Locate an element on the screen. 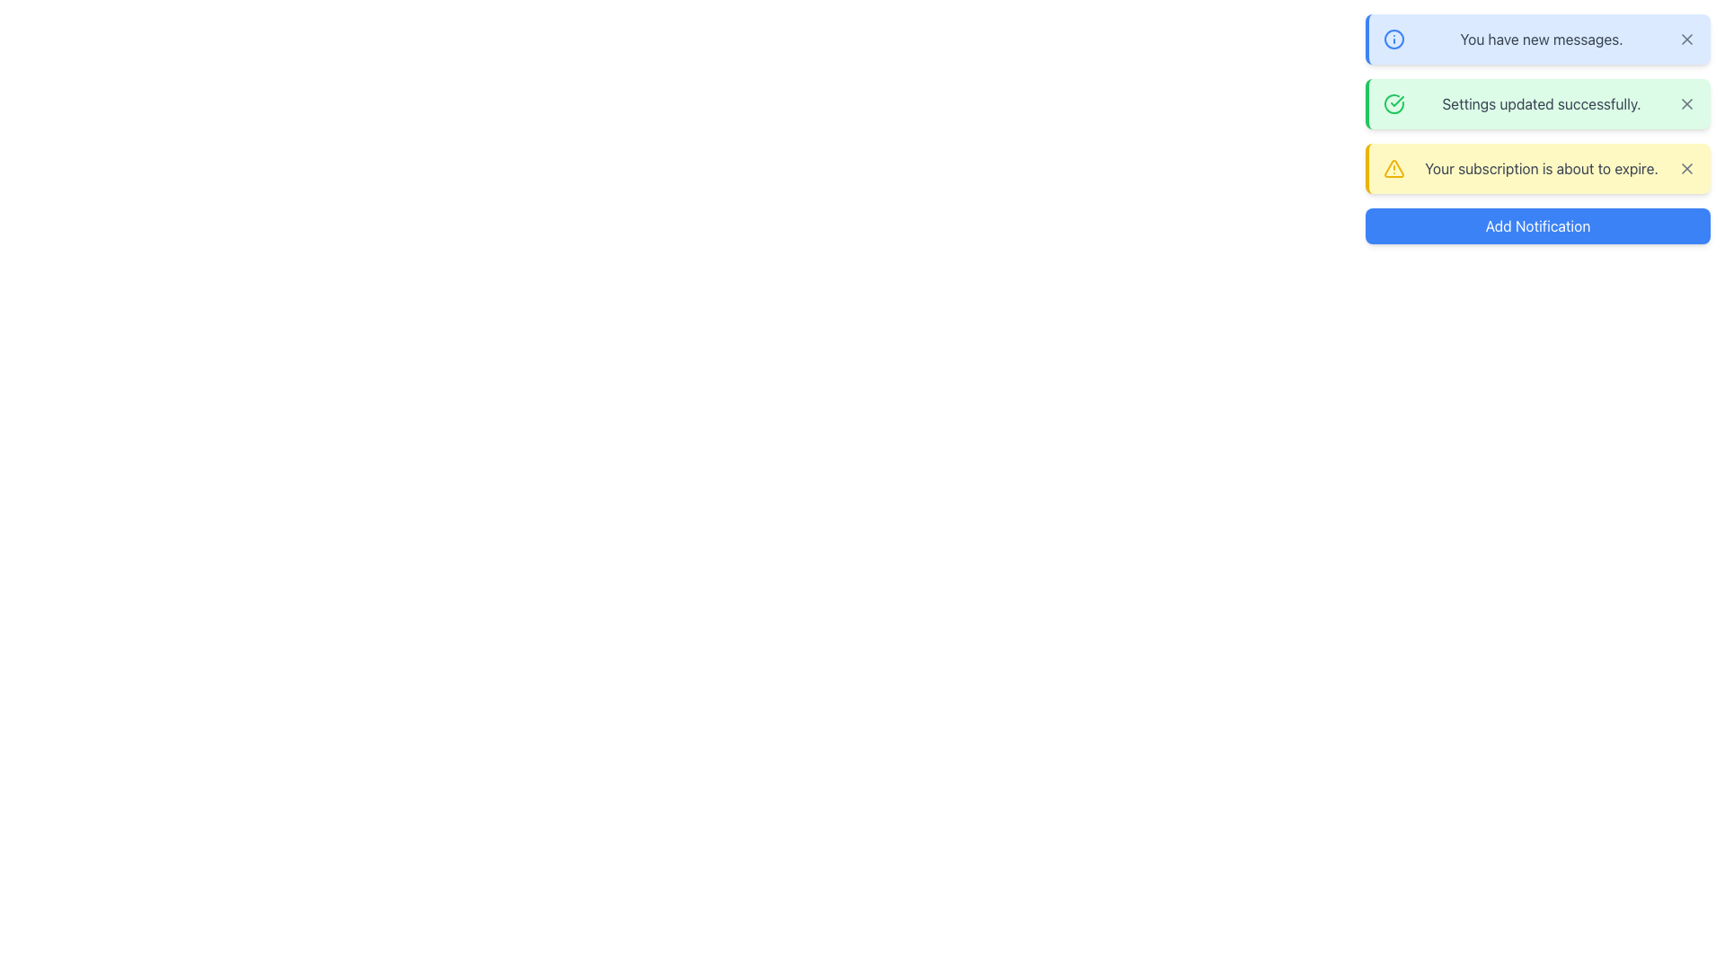 The width and height of the screenshot is (1725, 970). the circular portion of the information icon located at the upper-left corner of the notification message titled 'You have new messages.' is located at coordinates (1393, 39).